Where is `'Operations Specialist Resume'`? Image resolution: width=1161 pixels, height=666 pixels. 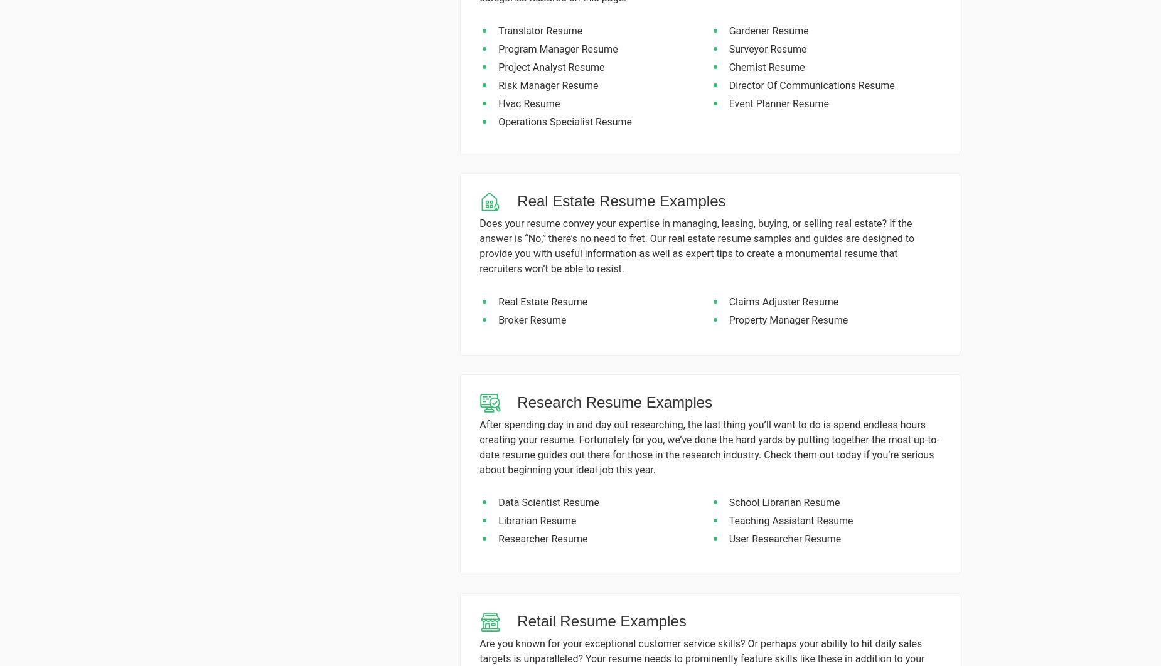
'Operations Specialist Resume' is located at coordinates (565, 121).